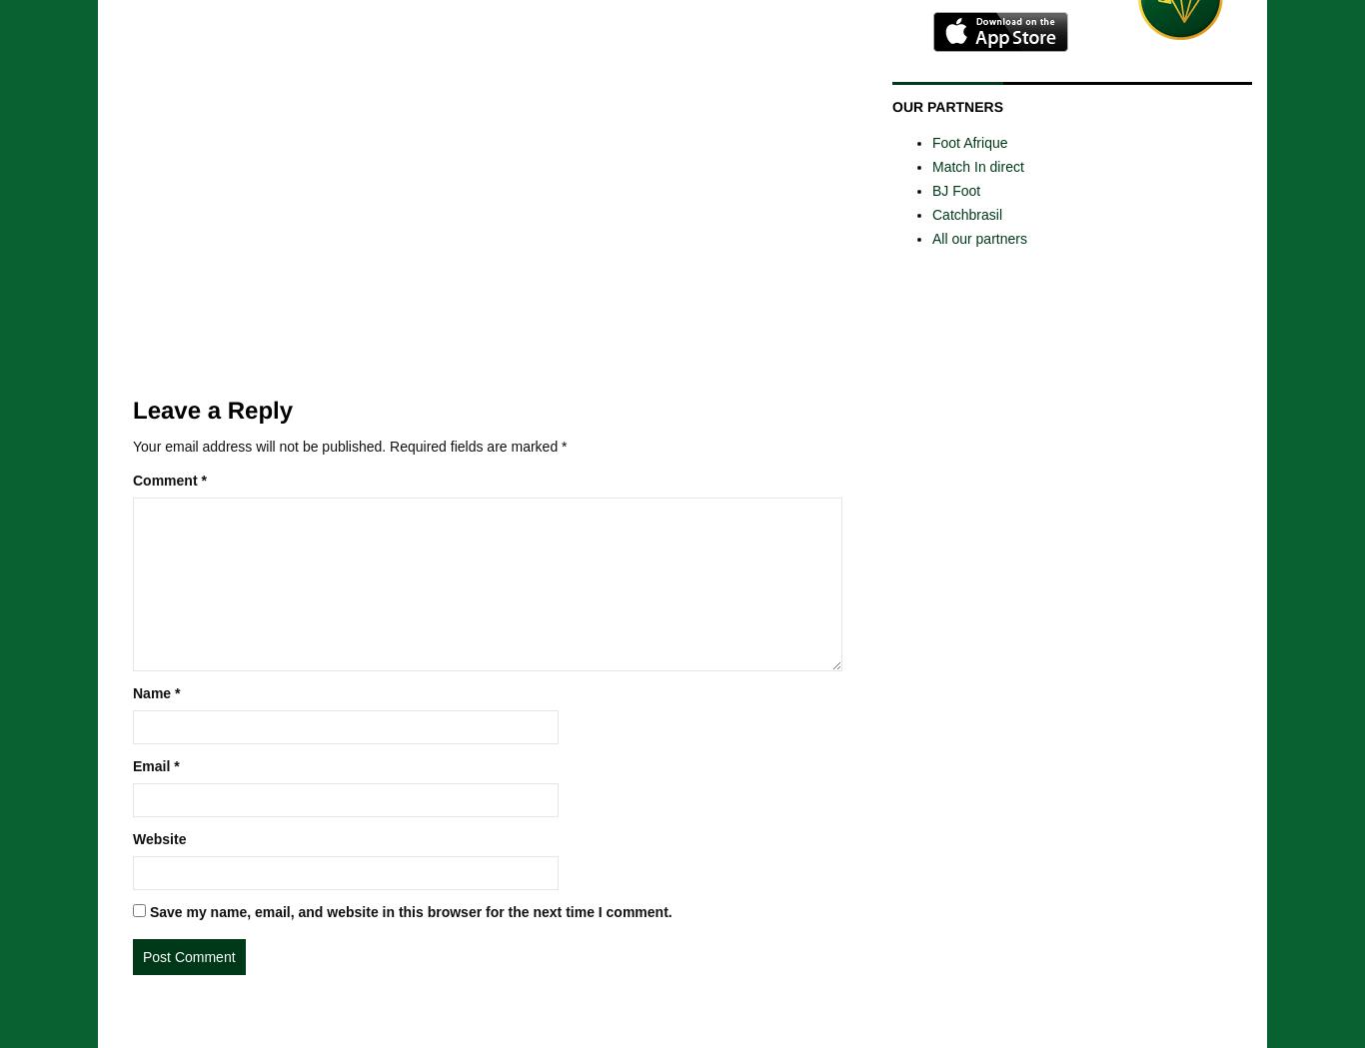  Describe the element at coordinates (132, 691) in the screenshot. I see `'Name'` at that location.